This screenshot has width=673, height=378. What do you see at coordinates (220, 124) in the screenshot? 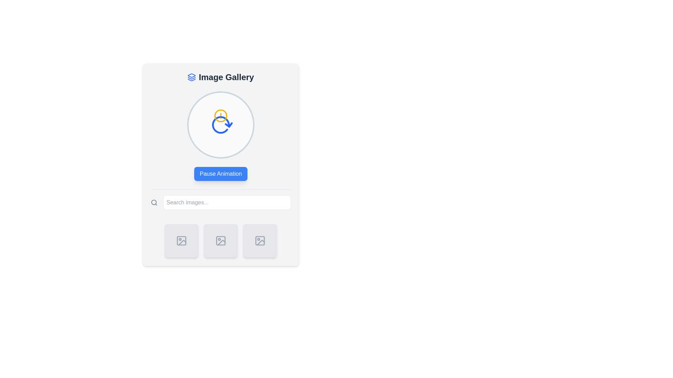
I see `the loading icon located centrally within the circular frame at the top of the interface, which is animated to indicate ongoing progress` at bounding box center [220, 124].